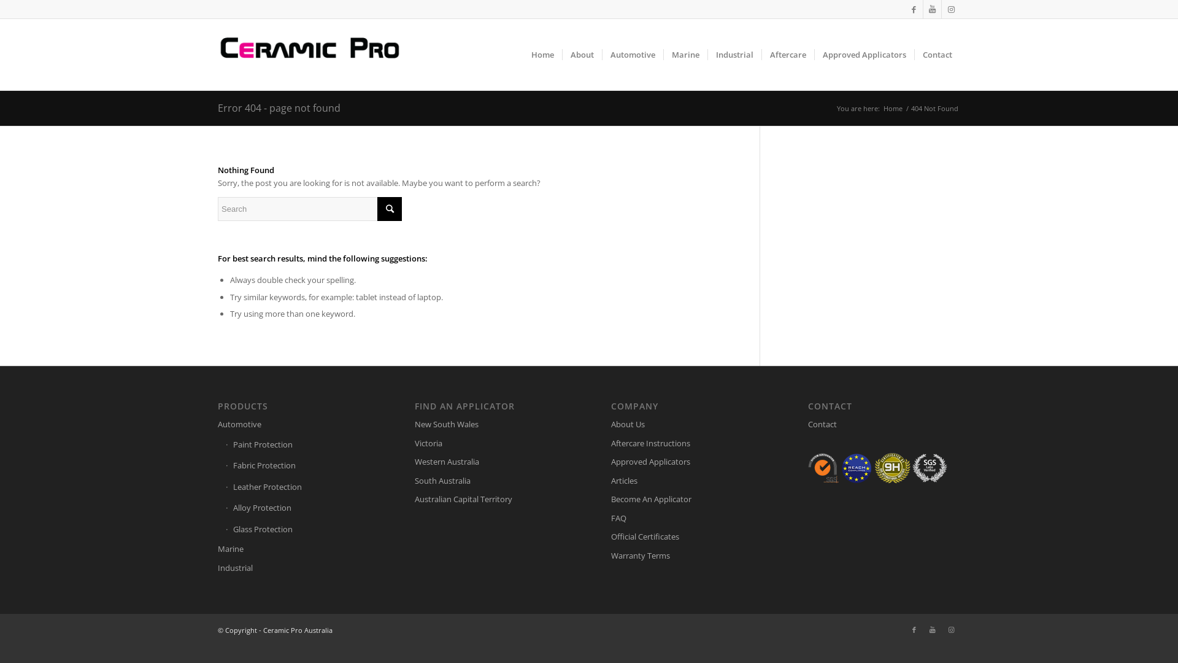  Describe the element at coordinates (298, 445) in the screenshot. I see `'Paint Protection'` at that location.